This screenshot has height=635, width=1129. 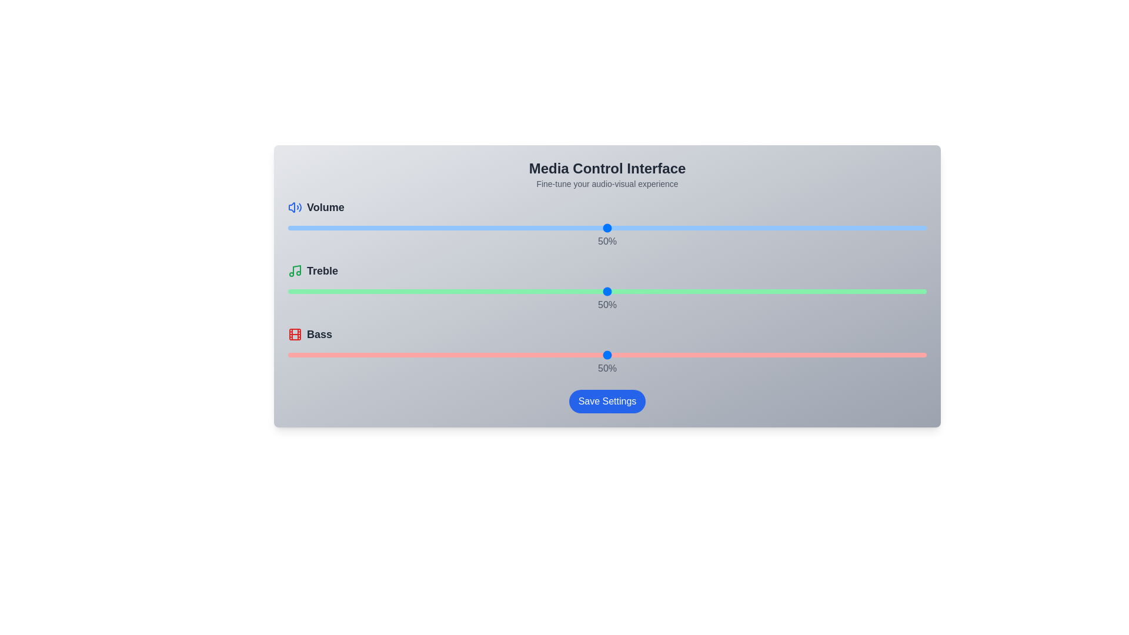 What do you see at coordinates (295, 335) in the screenshot?
I see `the Bass control icon positioned to the left of the 'Bass' label in the media controls section` at bounding box center [295, 335].